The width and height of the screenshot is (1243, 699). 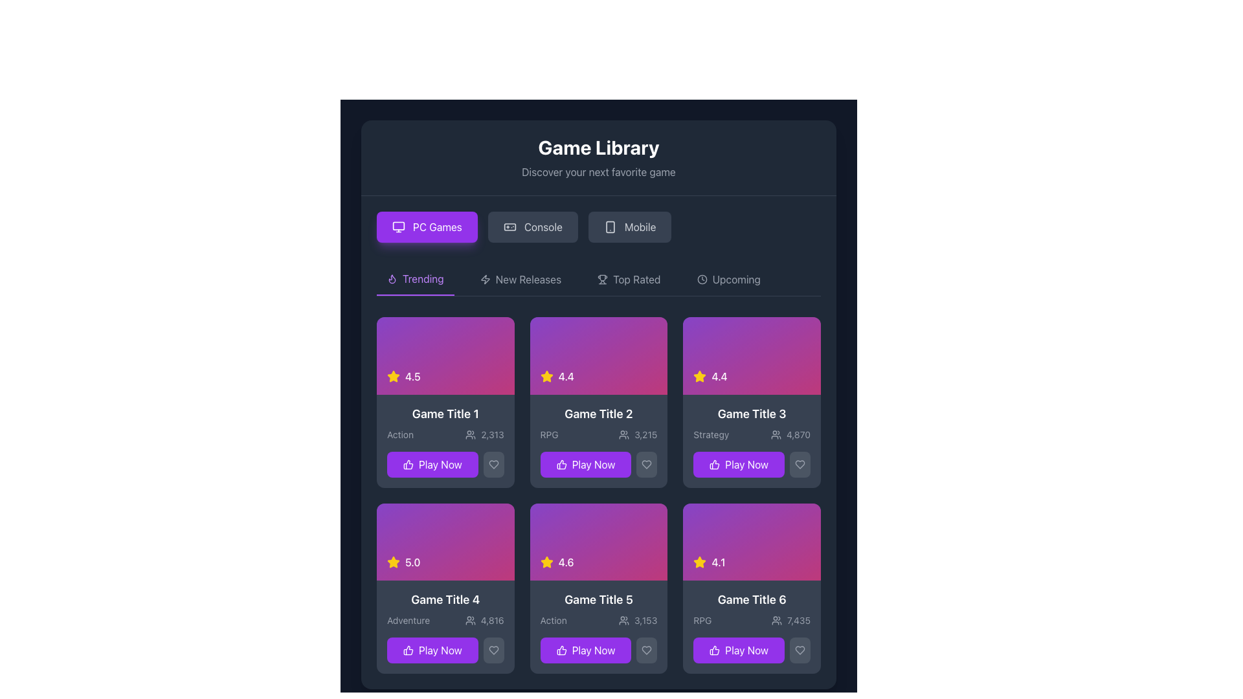 What do you see at coordinates (566, 562) in the screenshot?
I see `text label displaying the average rating score for the game located to the right of the yellow star icon in the bottom left corner of the 'Game Title 5' card` at bounding box center [566, 562].